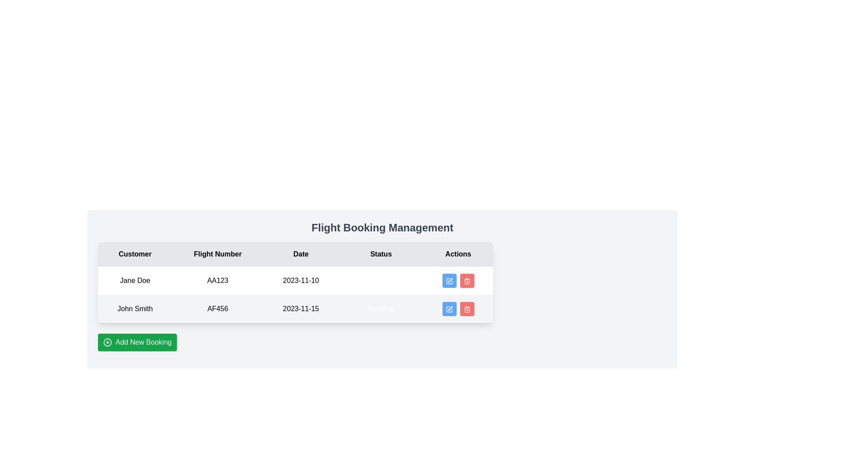  What do you see at coordinates (137, 342) in the screenshot?
I see `the 'Add New Booking' button with a green background and white text` at bounding box center [137, 342].